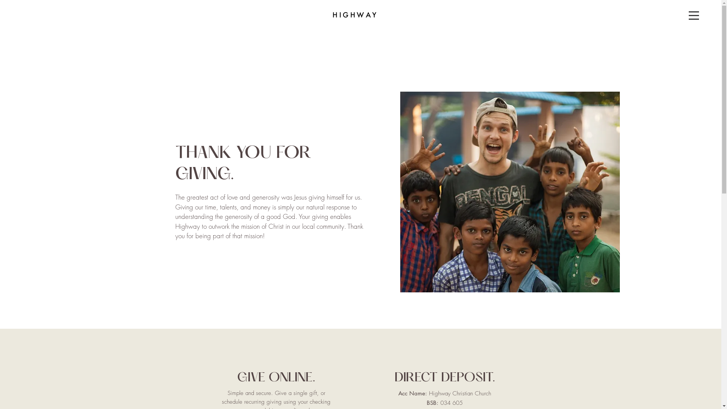  What do you see at coordinates (355, 15) in the screenshot?
I see `'HIGHWAY'` at bounding box center [355, 15].